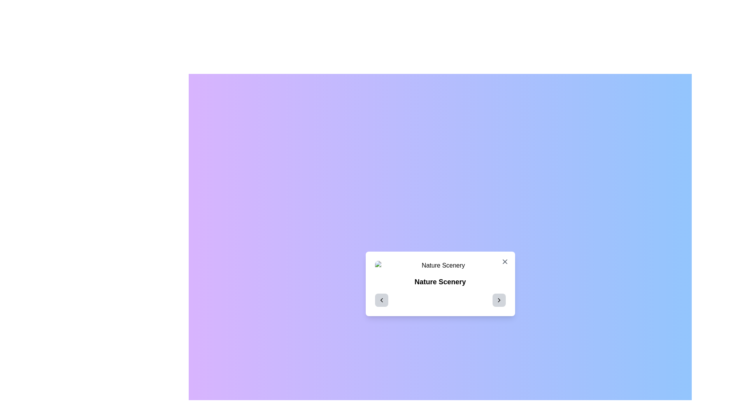 Image resolution: width=747 pixels, height=420 pixels. What do you see at coordinates (381, 299) in the screenshot?
I see `the left-pointing chevron icon, which is enclosed in a rounded rectangular button with a light gray background` at bounding box center [381, 299].